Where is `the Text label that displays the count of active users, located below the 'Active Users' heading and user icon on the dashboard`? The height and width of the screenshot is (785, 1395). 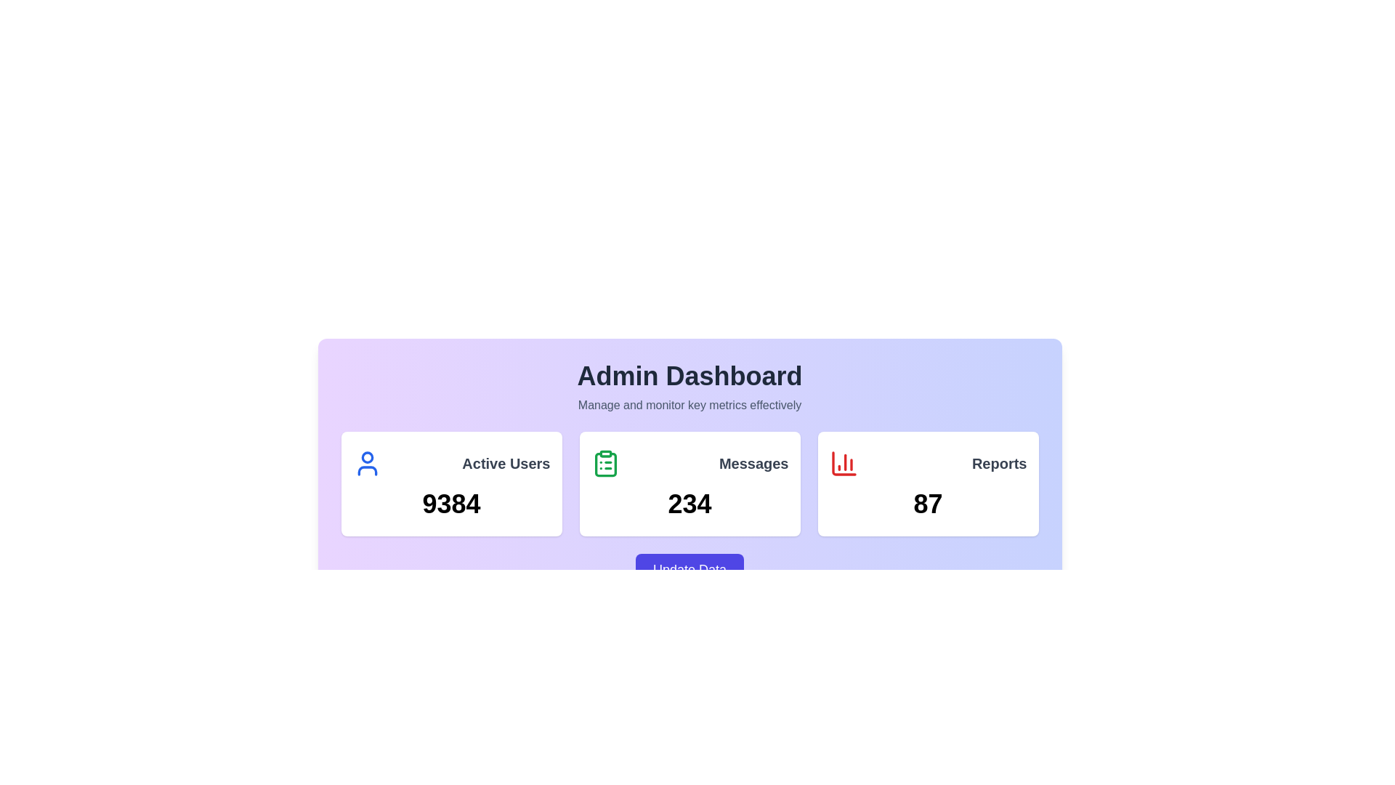 the Text label that displays the count of active users, located below the 'Active Users' heading and user icon on the dashboard is located at coordinates (450, 504).